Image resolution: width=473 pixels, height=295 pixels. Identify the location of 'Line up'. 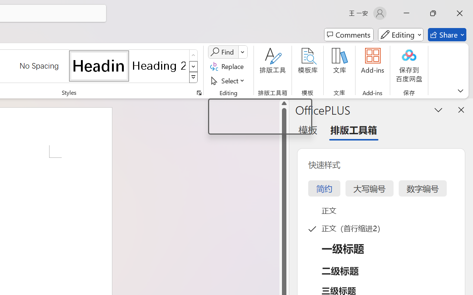
(284, 103).